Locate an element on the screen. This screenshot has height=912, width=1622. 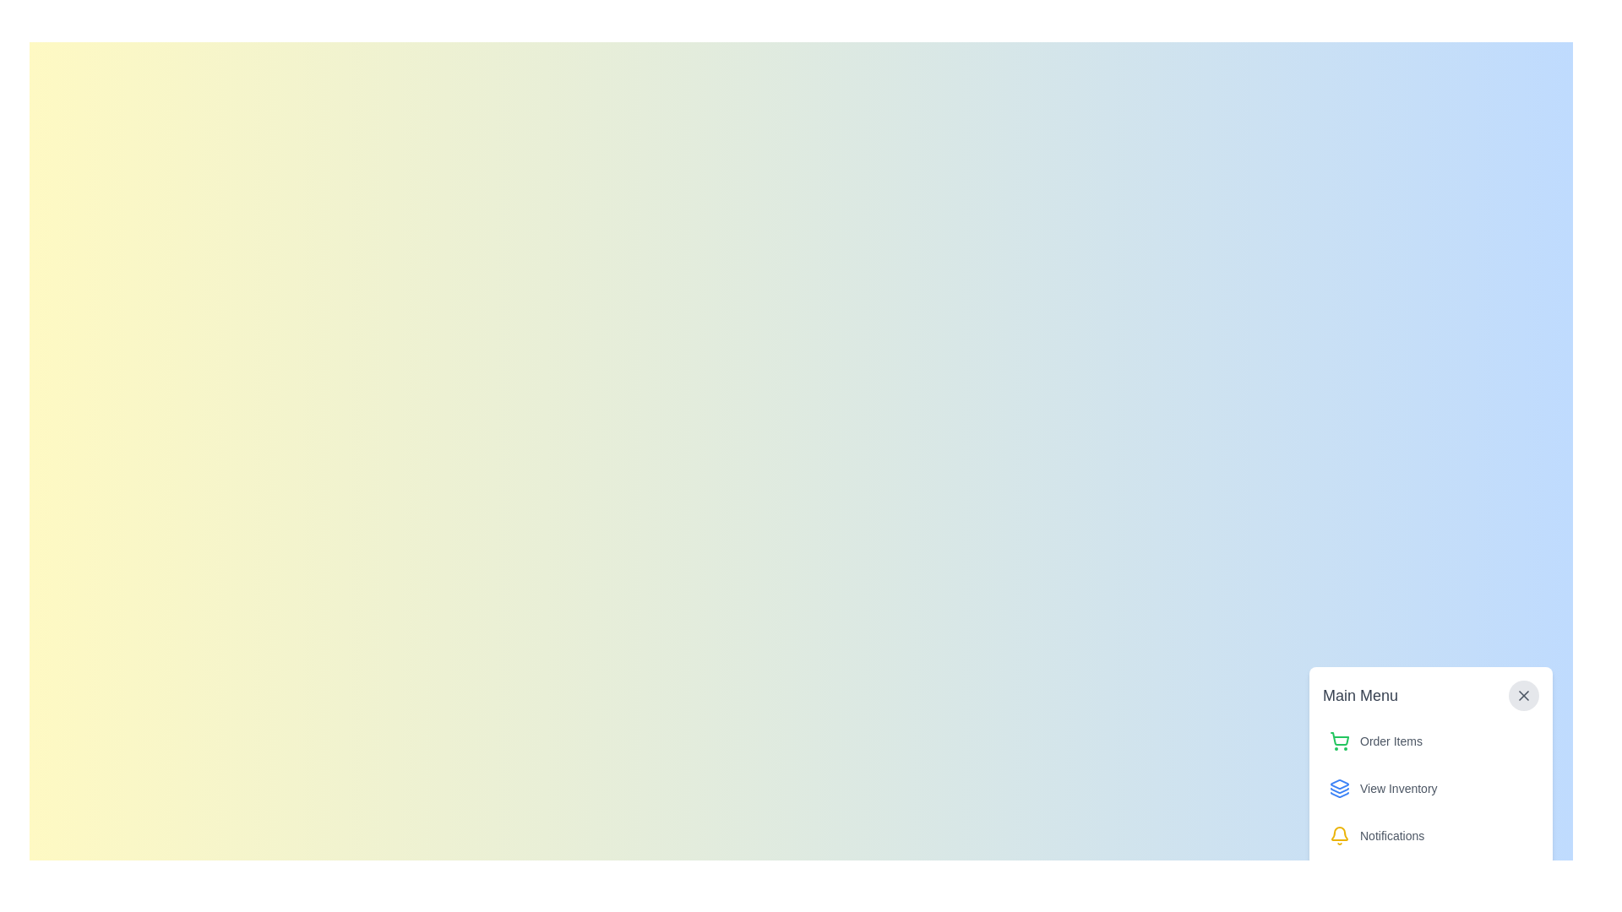
the 'View Inventory' interactive menu item, which is the second item in the vertical menu under the 'Main Menu' header, located between 'Order Items' and 'Notifications' is located at coordinates (1430, 788).